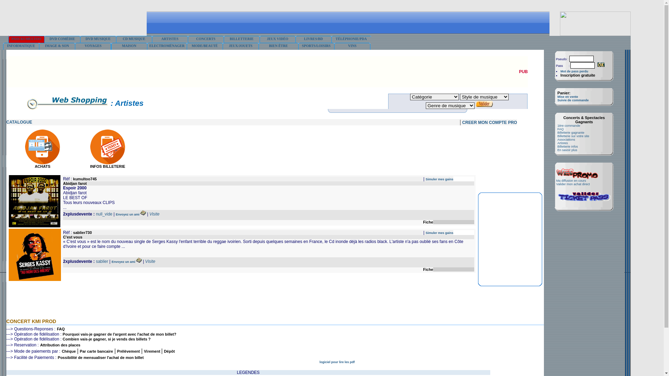  What do you see at coordinates (568, 146) in the screenshot?
I see `'Billetterie infos'` at bounding box center [568, 146].